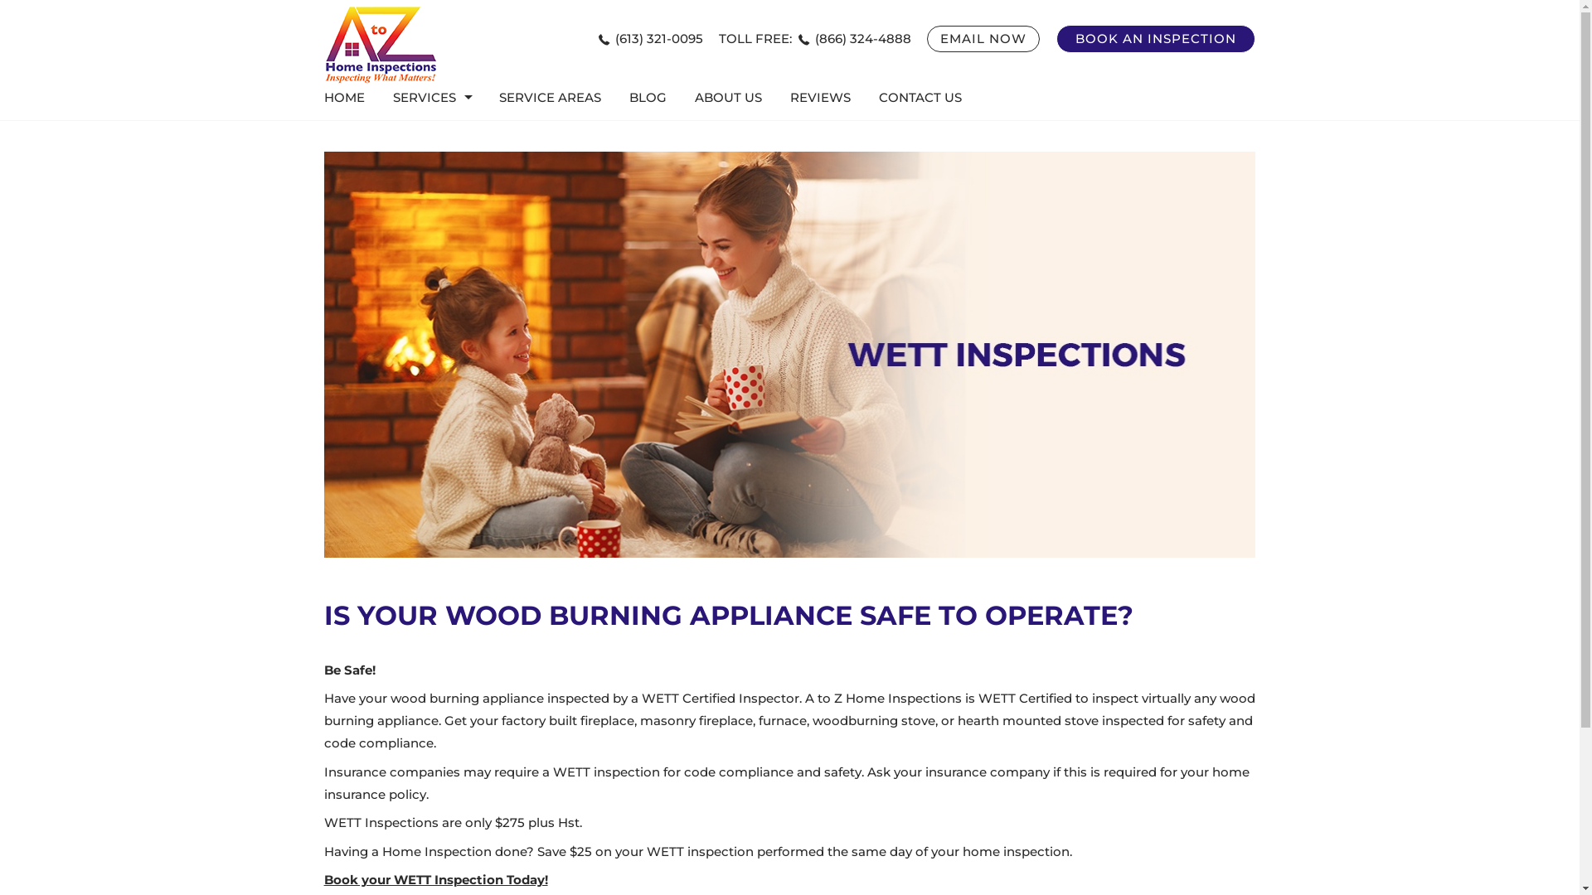 Image resolution: width=1592 pixels, height=895 pixels. I want to click on '(613) 321-0095', so click(650, 37).